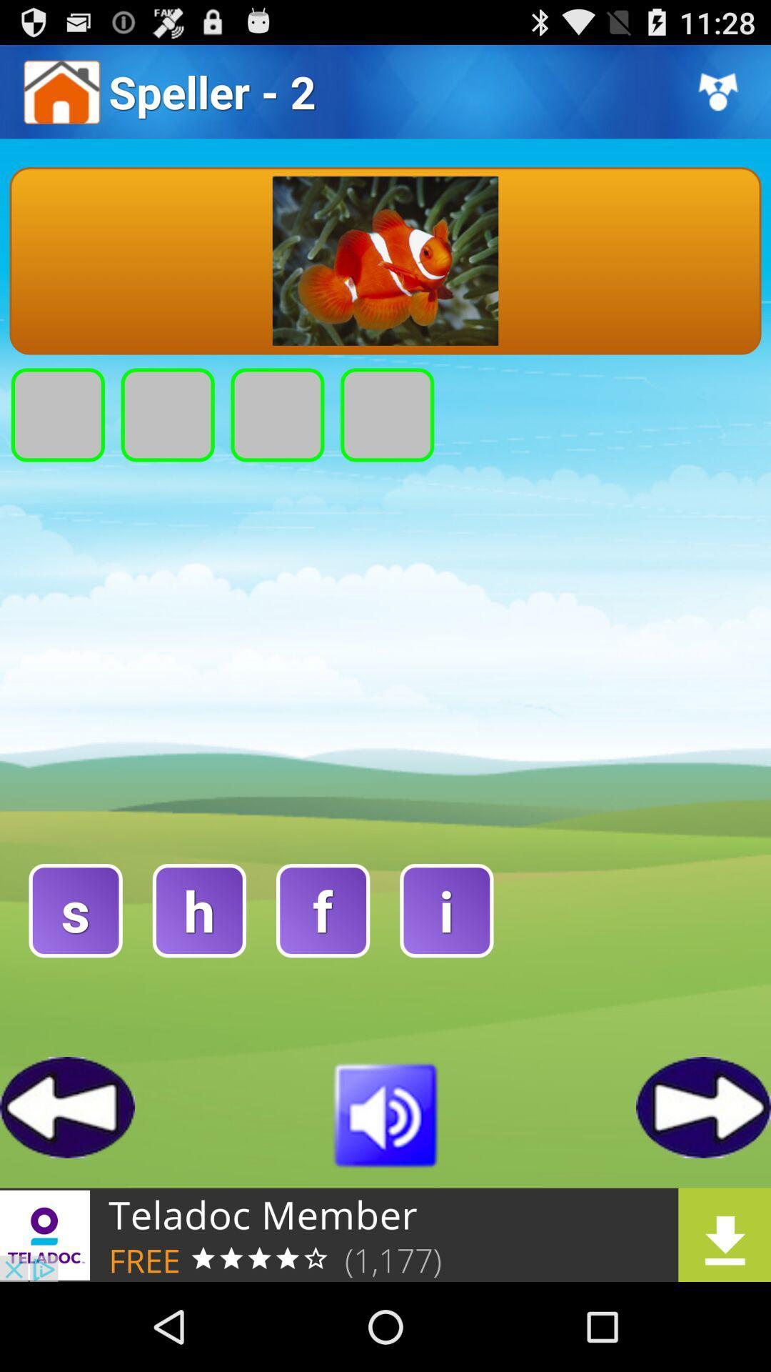  Describe the element at coordinates (67, 1106) in the screenshot. I see `go back` at that location.